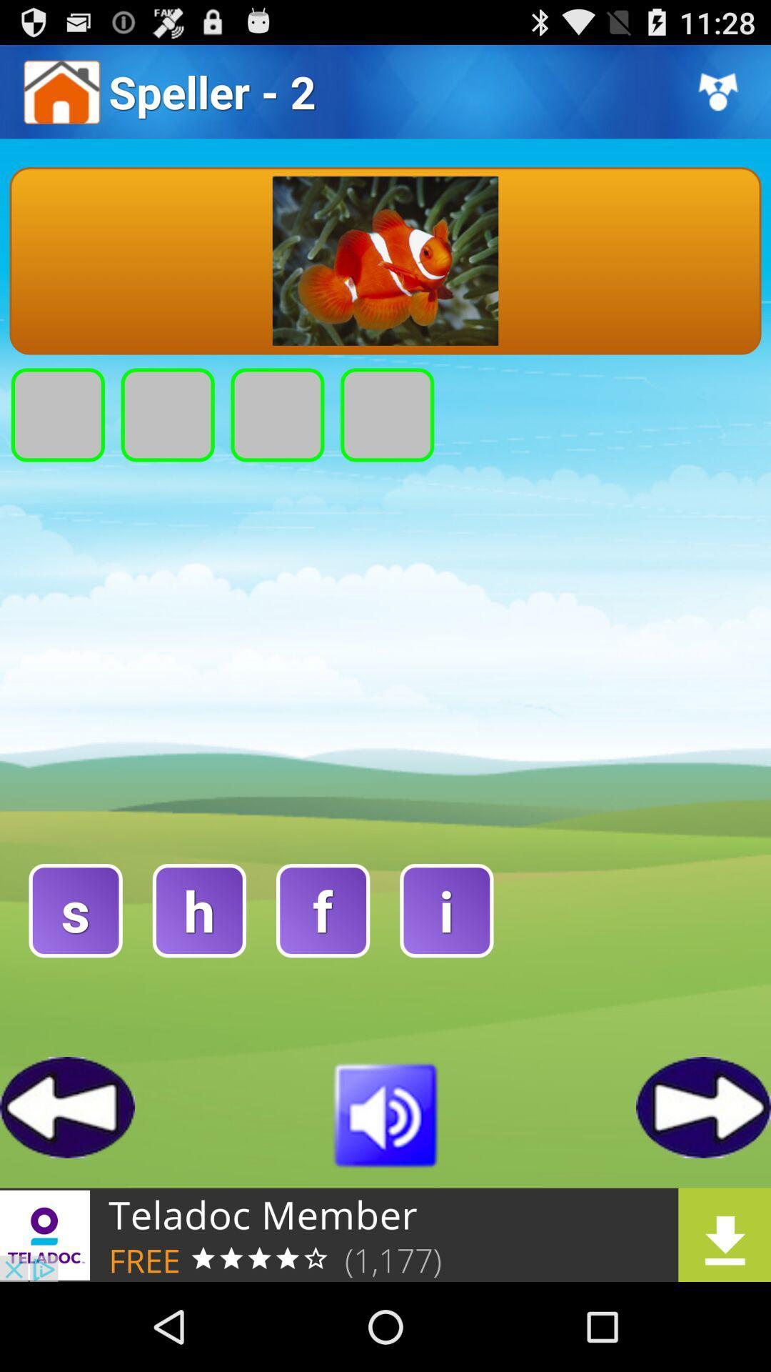  Describe the element at coordinates (67, 1106) in the screenshot. I see `go back` at that location.